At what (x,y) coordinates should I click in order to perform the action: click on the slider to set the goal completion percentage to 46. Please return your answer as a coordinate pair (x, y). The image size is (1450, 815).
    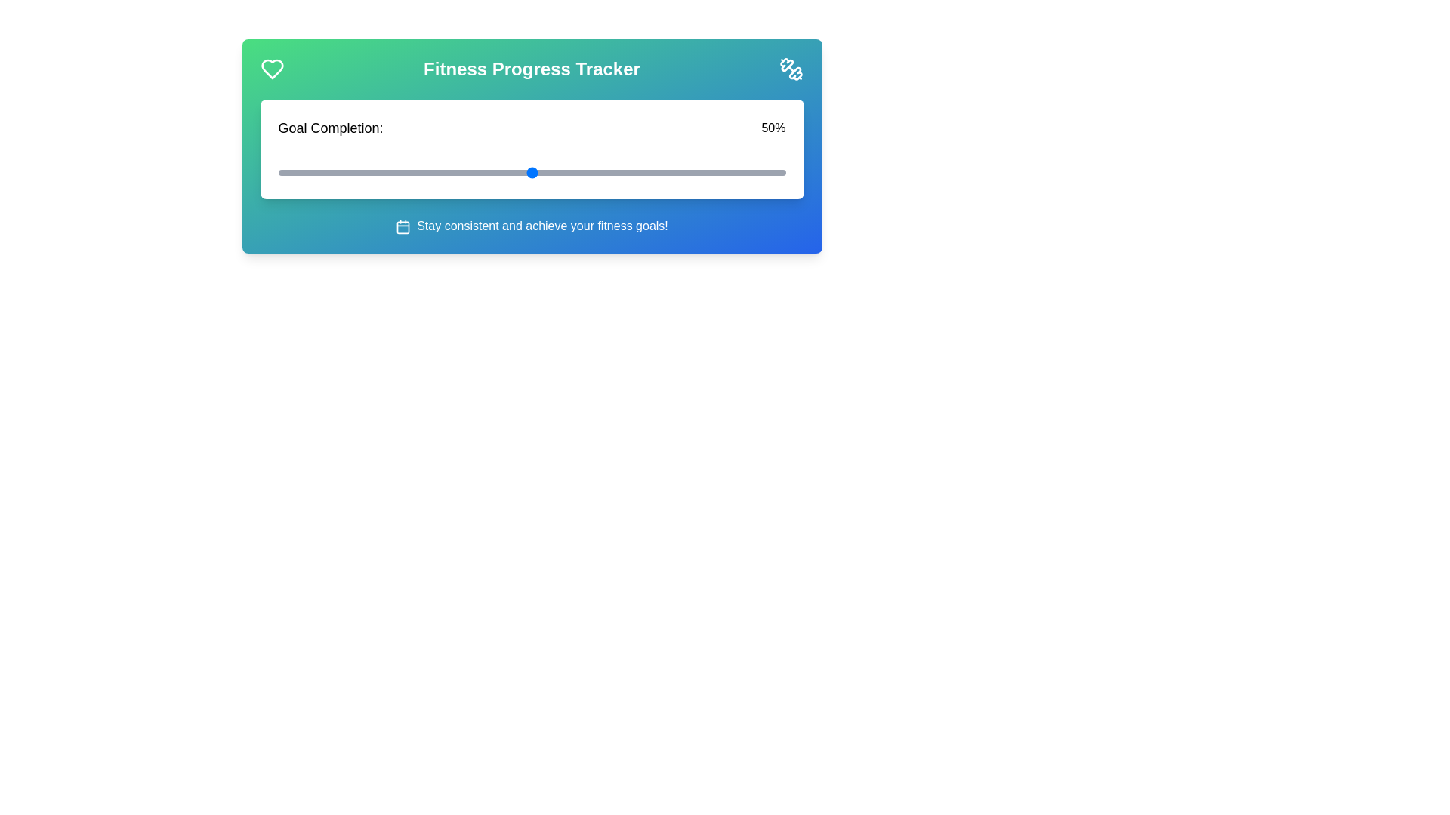
    Looking at the image, I should click on (511, 171).